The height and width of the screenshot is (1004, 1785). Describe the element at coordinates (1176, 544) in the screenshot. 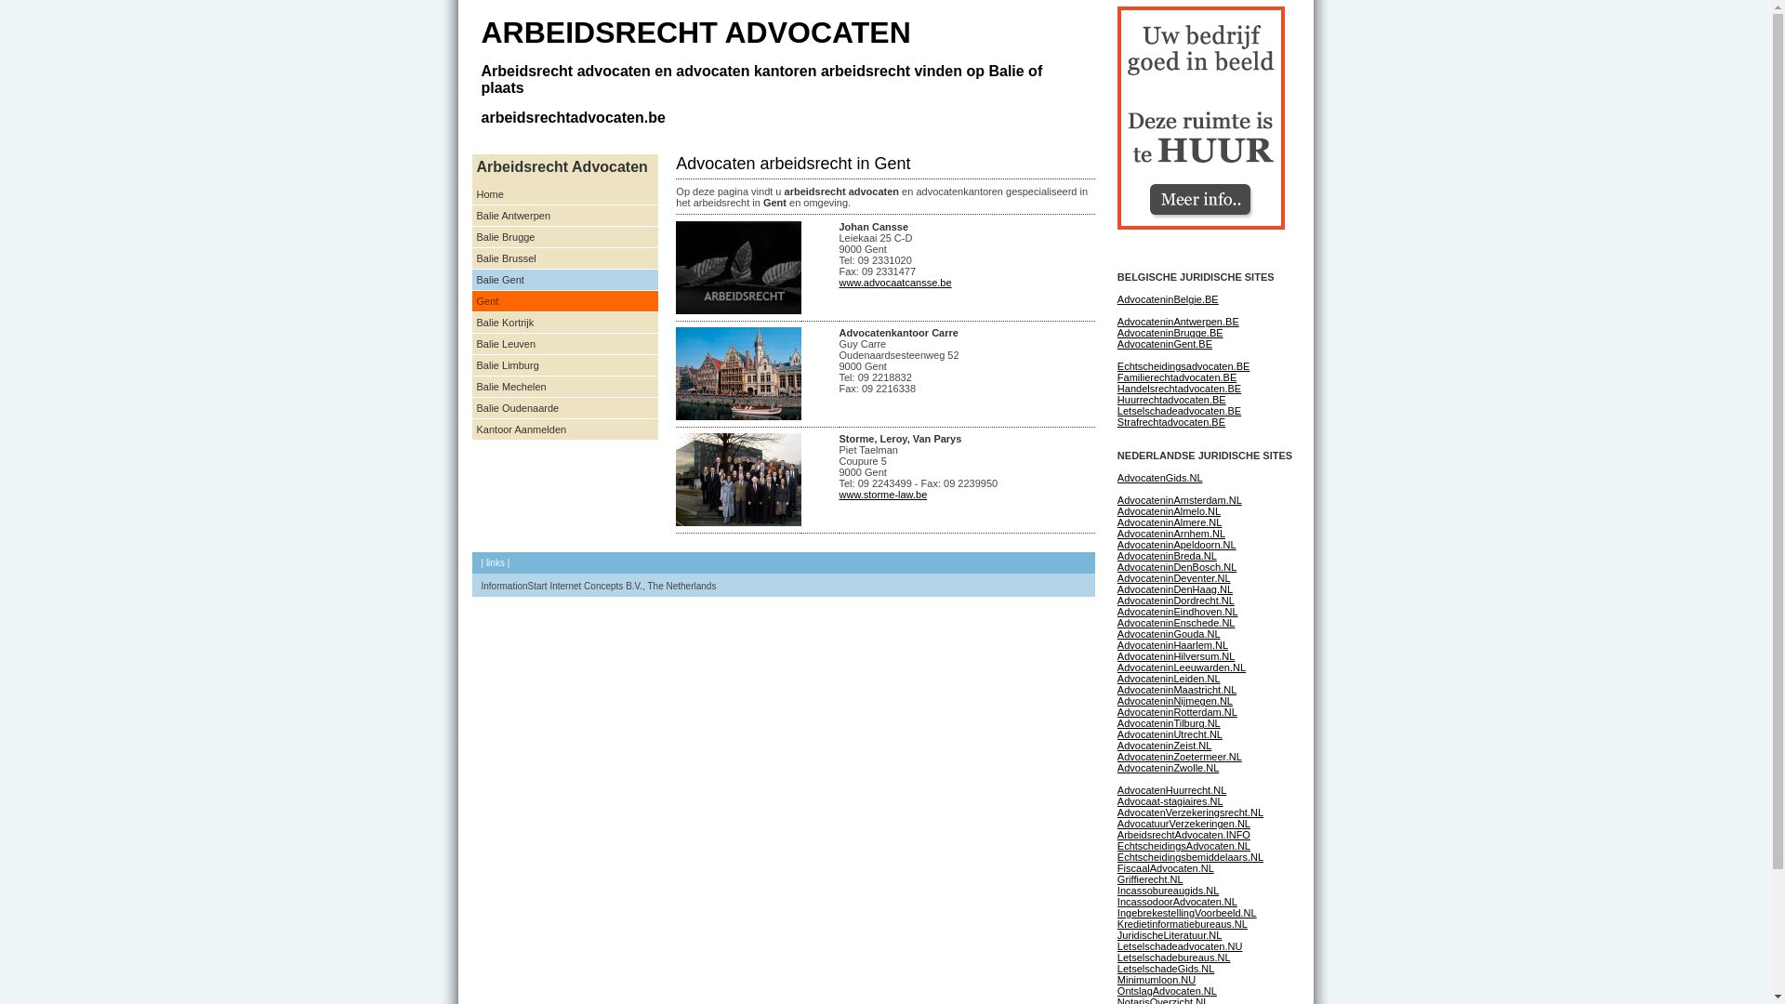

I see `'AdvocateninApeldoorn.NL'` at that location.